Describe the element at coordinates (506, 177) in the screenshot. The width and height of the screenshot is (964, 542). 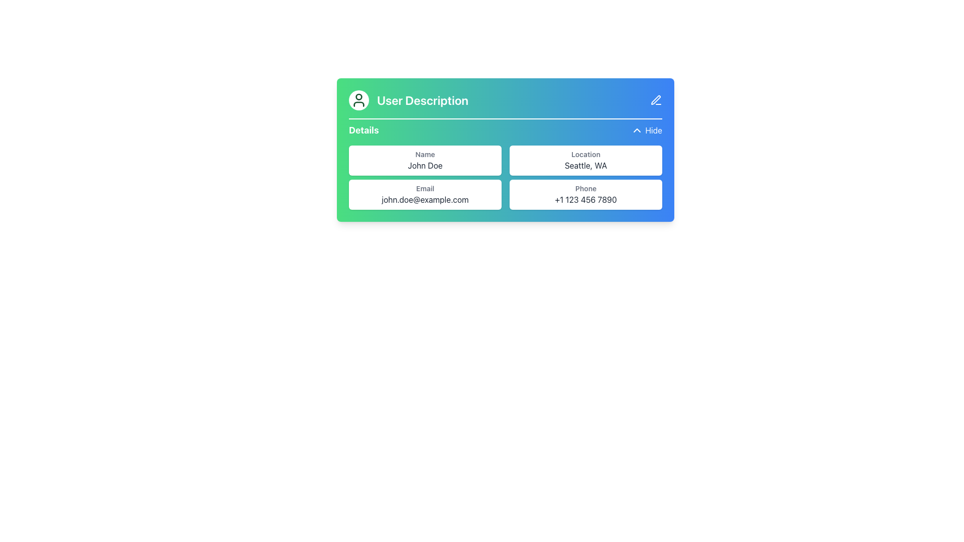
I see `text within the Information grid element, which contains titles and values such as 'Name', 'Location', 'Email', and 'Phone'` at that location.